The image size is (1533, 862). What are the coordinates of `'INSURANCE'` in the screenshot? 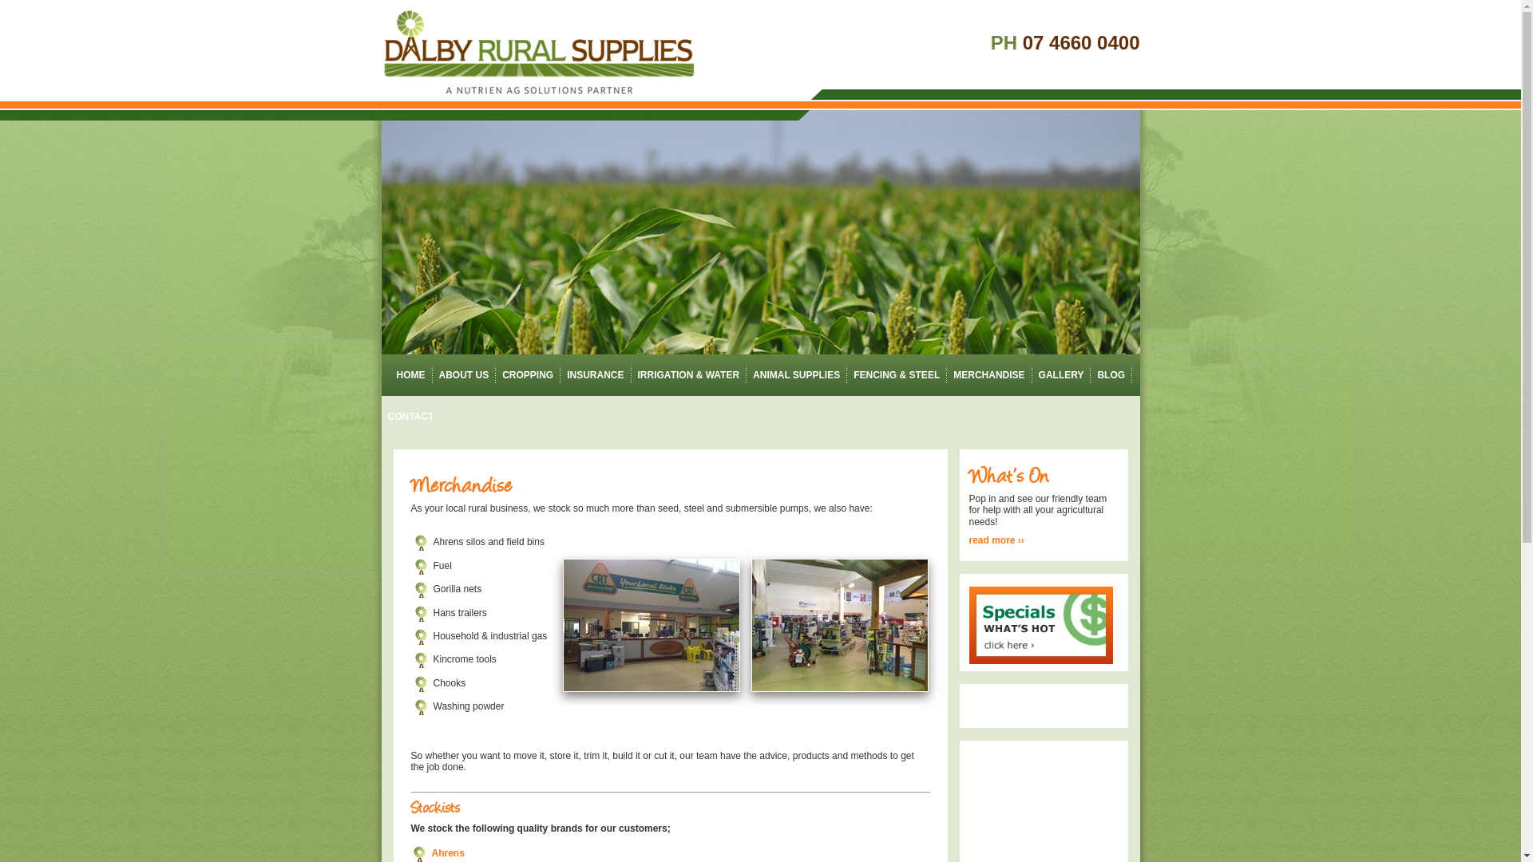 It's located at (594, 375).